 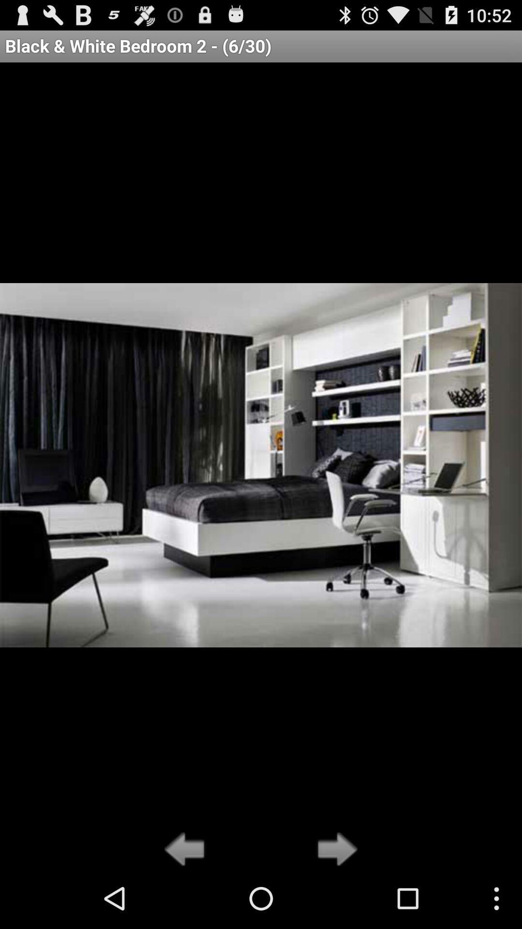 I want to click on forward right, so click(x=334, y=850).